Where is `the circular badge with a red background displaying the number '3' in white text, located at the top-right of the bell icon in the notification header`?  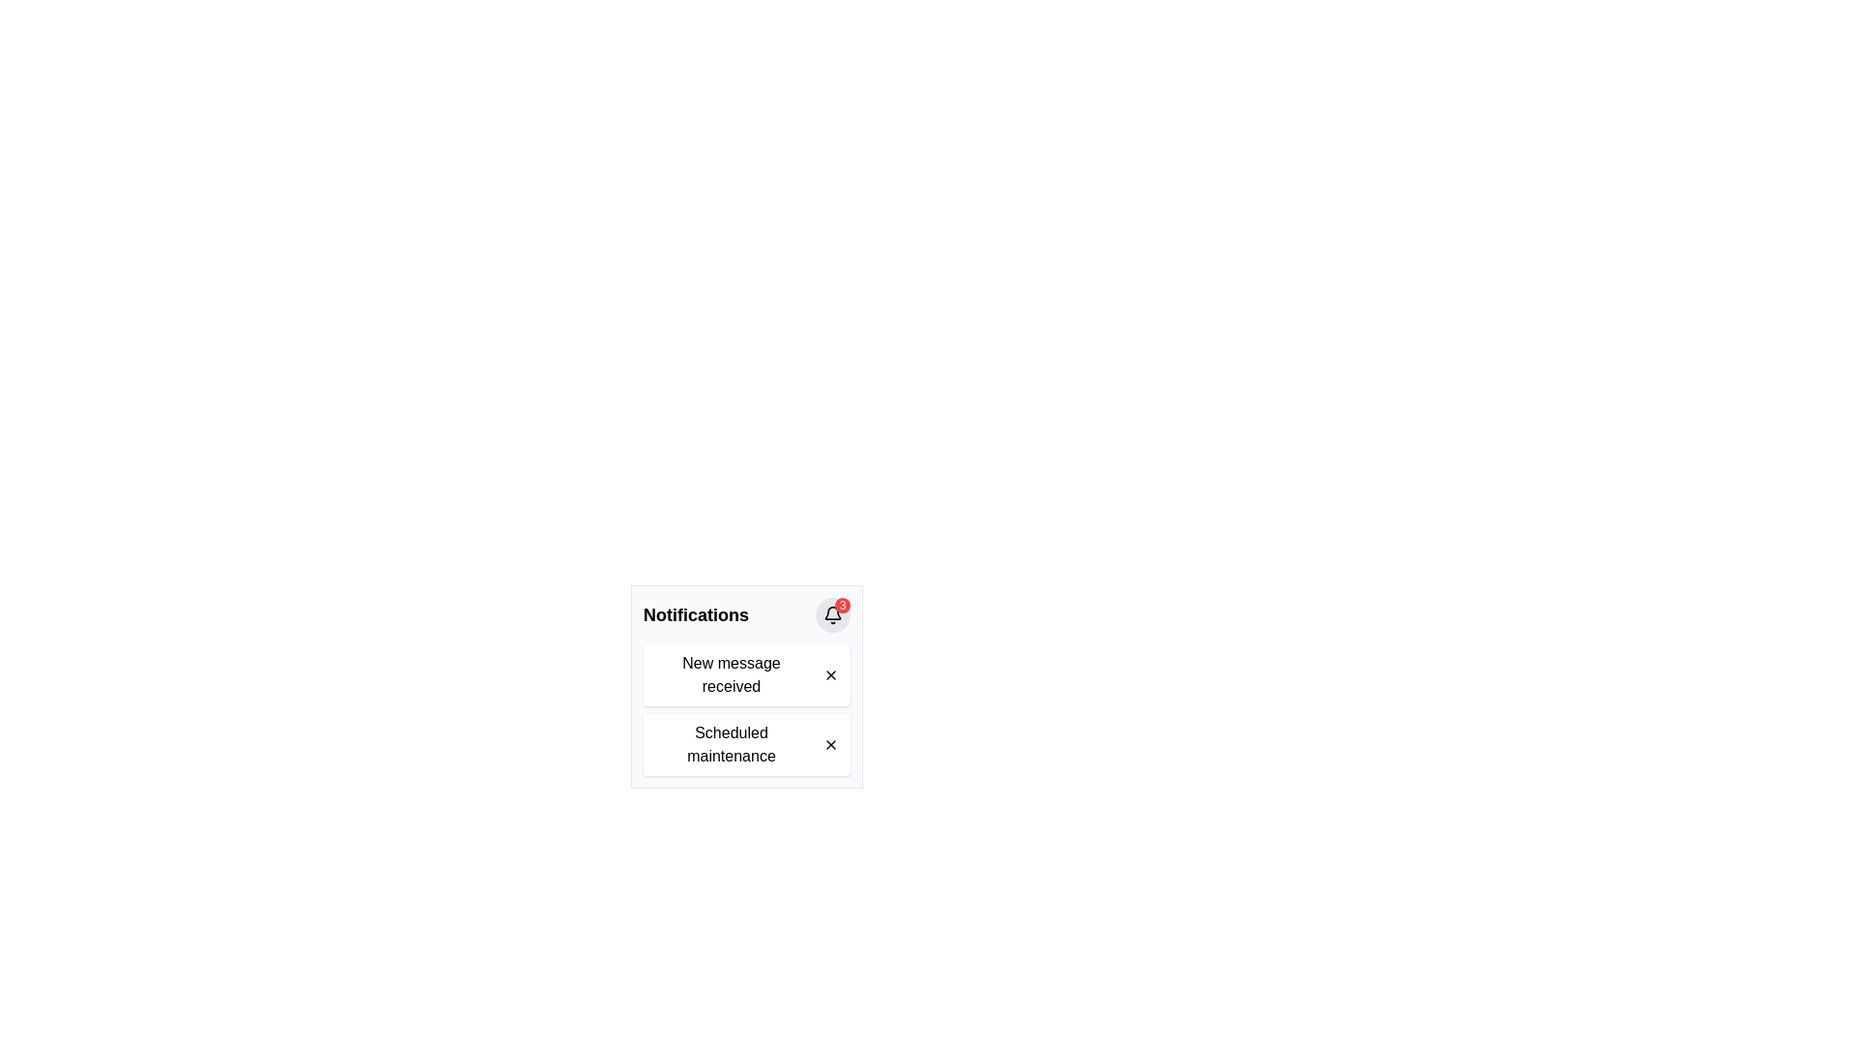
the circular badge with a red background displaying the number '3' in white text, located at the top-right of the bell icon in the notification header is located at coordinates (832, 615).